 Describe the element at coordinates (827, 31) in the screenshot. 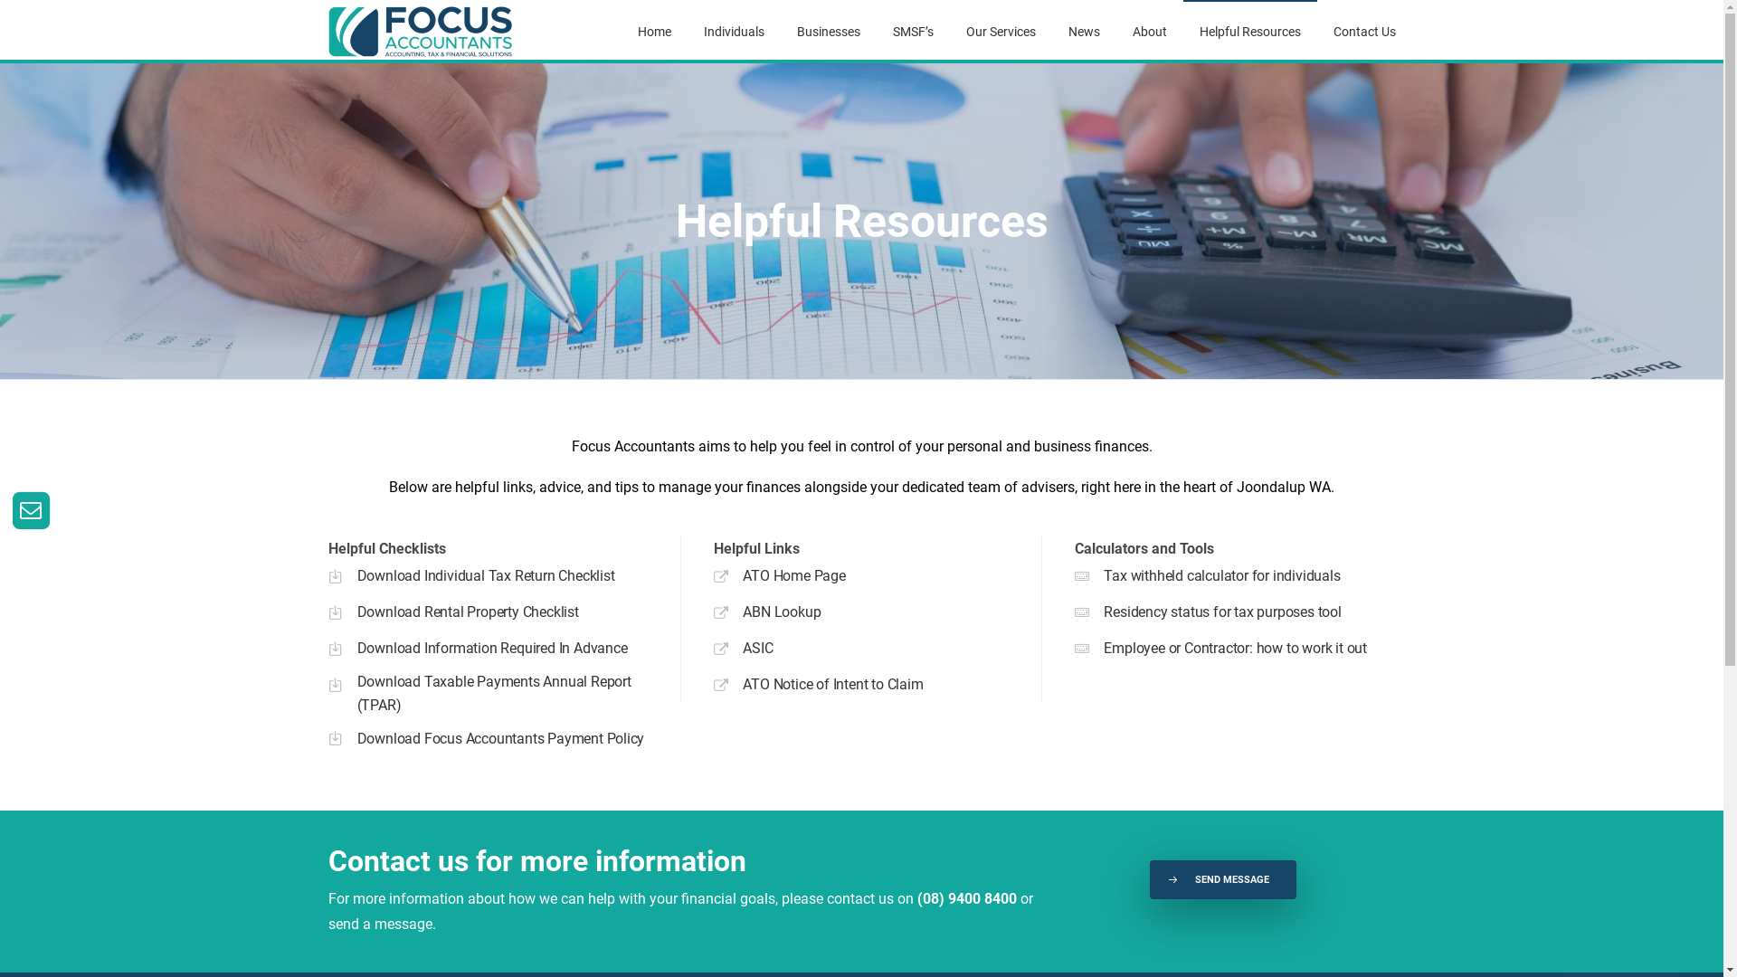

I see `'Businesses'` at that location.